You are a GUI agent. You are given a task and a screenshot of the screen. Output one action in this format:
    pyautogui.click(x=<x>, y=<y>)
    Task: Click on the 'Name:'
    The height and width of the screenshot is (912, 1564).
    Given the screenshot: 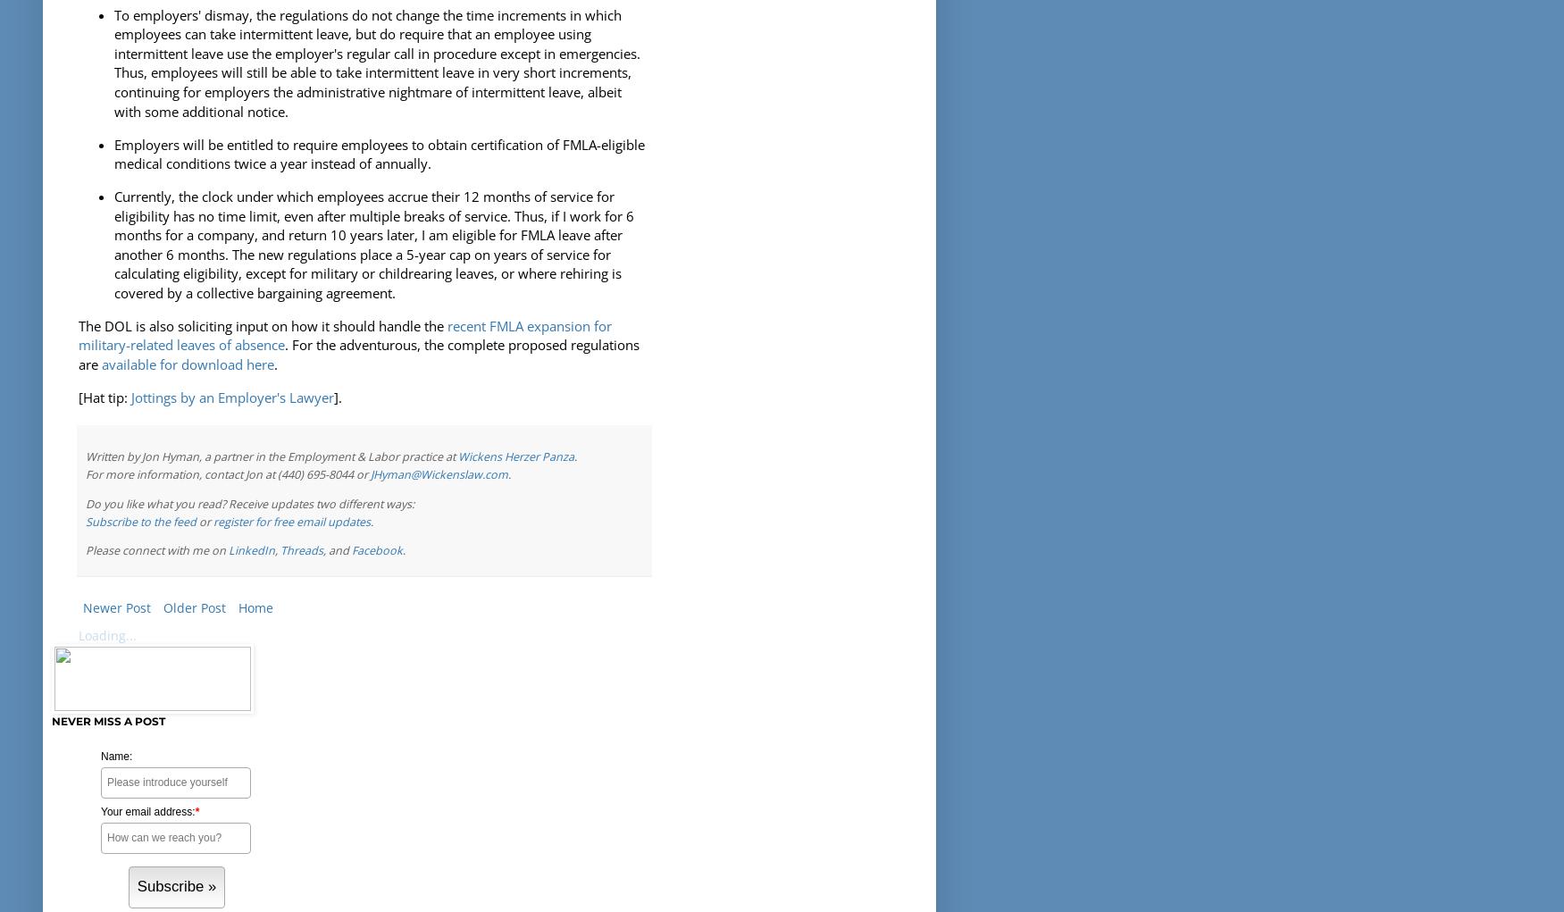 What is the action you would take?
    pyautogui.click(x=117, y=757)
    